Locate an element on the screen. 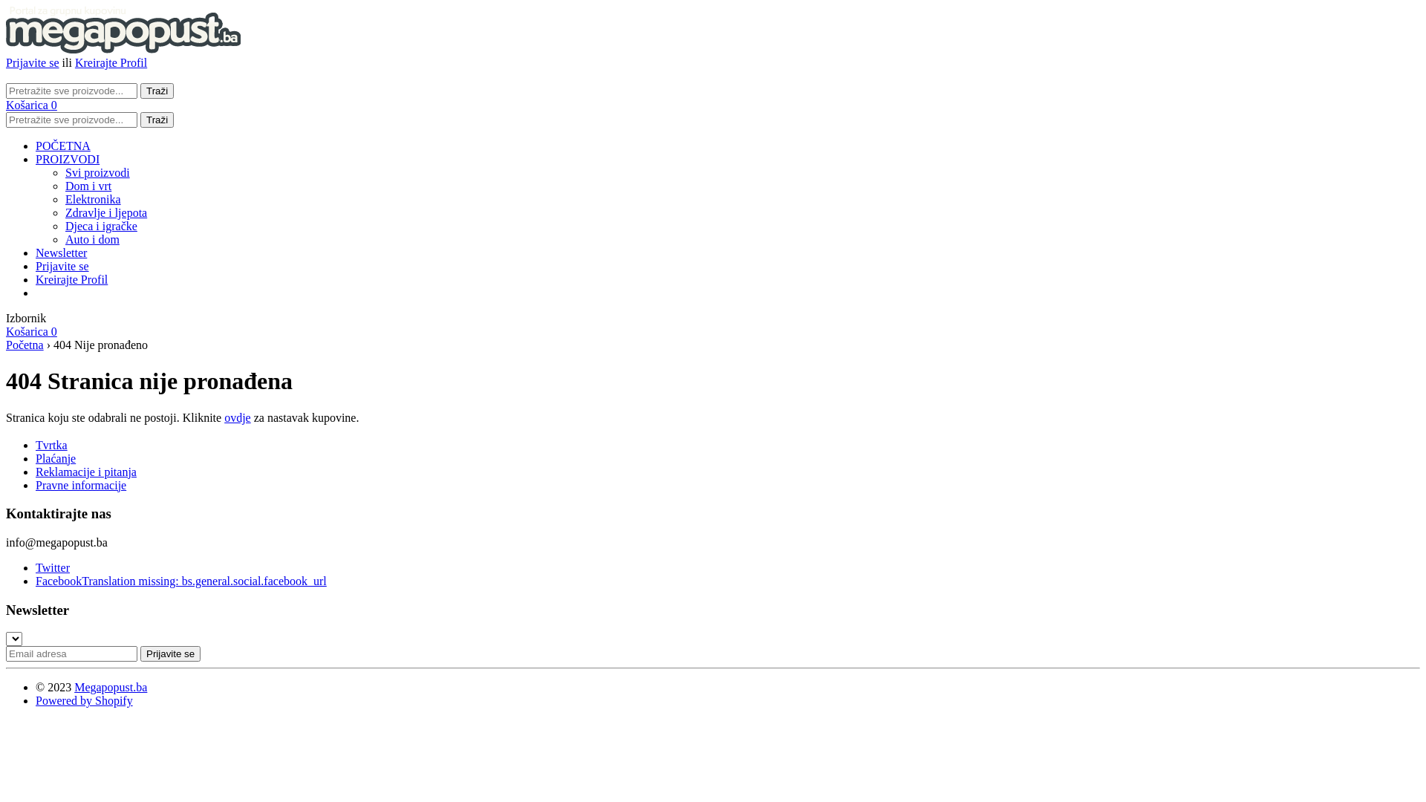 This screenshot has height=802, width=1426. 'Svi proizvodi' is located at coordinates (97, 172).